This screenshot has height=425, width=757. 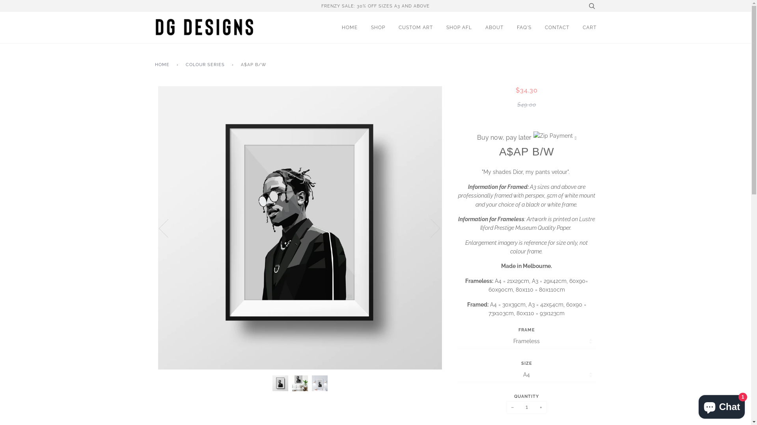 What do you see at coordinates (535, 407) in the screenshot?
I see `'+'` at bounding box center [535, 407].